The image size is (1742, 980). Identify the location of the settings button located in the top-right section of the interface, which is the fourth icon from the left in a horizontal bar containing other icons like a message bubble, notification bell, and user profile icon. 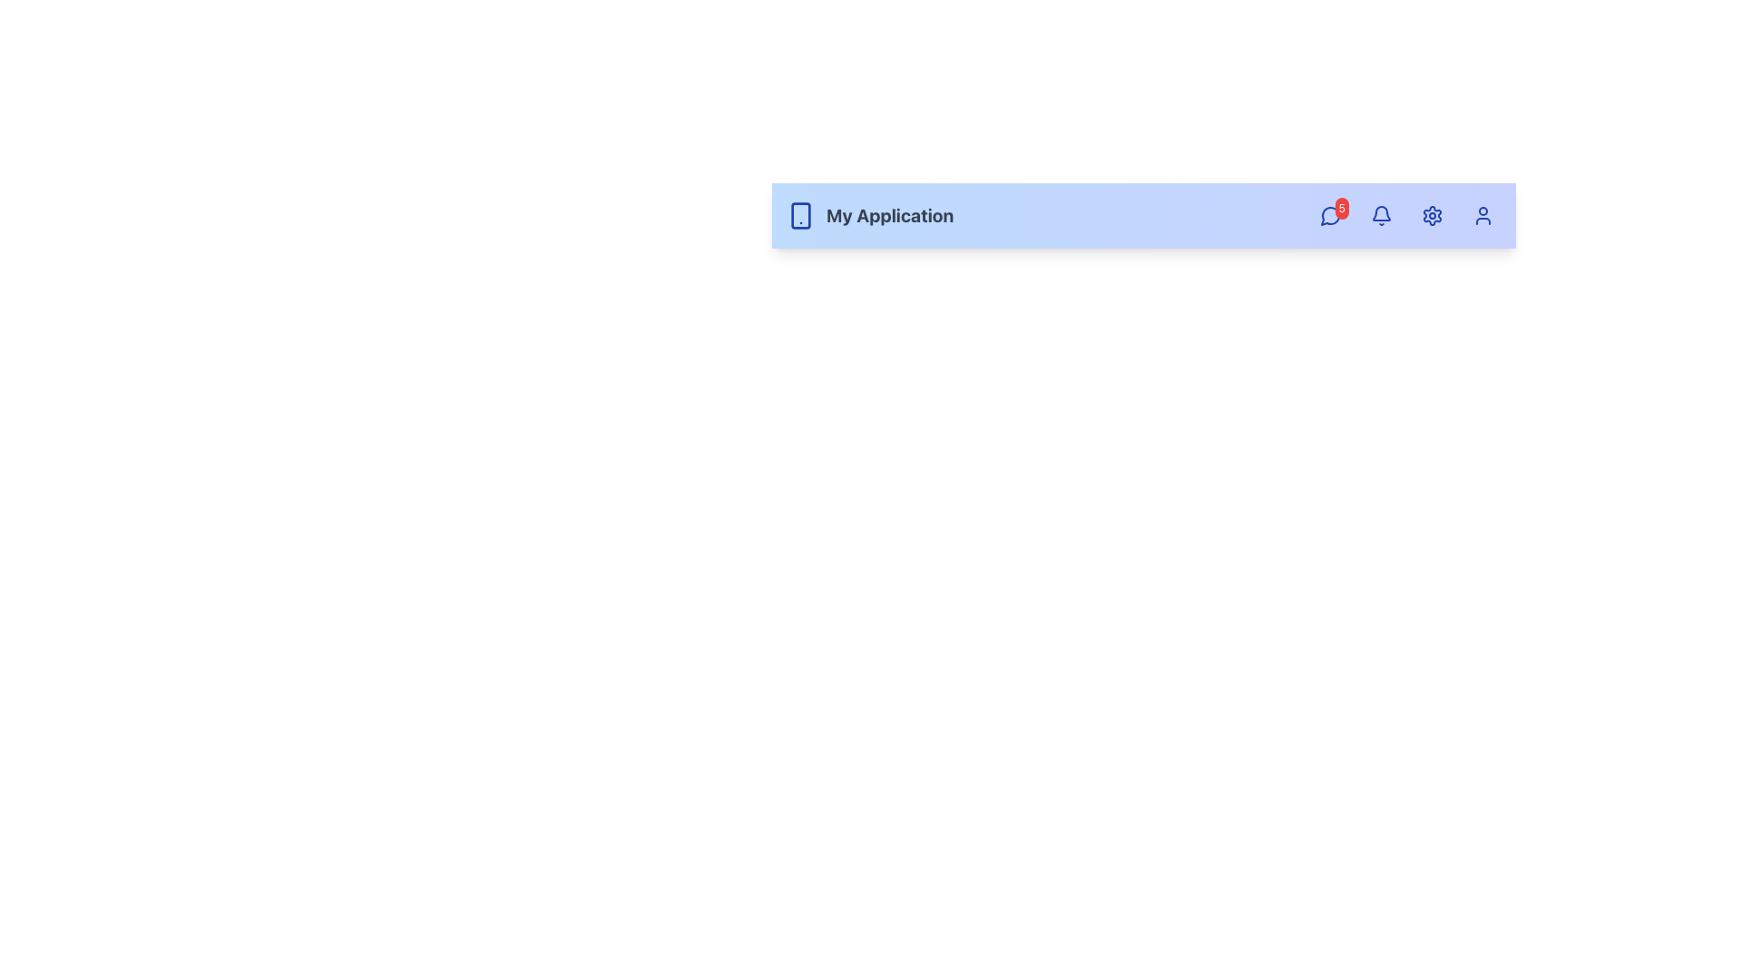
(1432, 215).